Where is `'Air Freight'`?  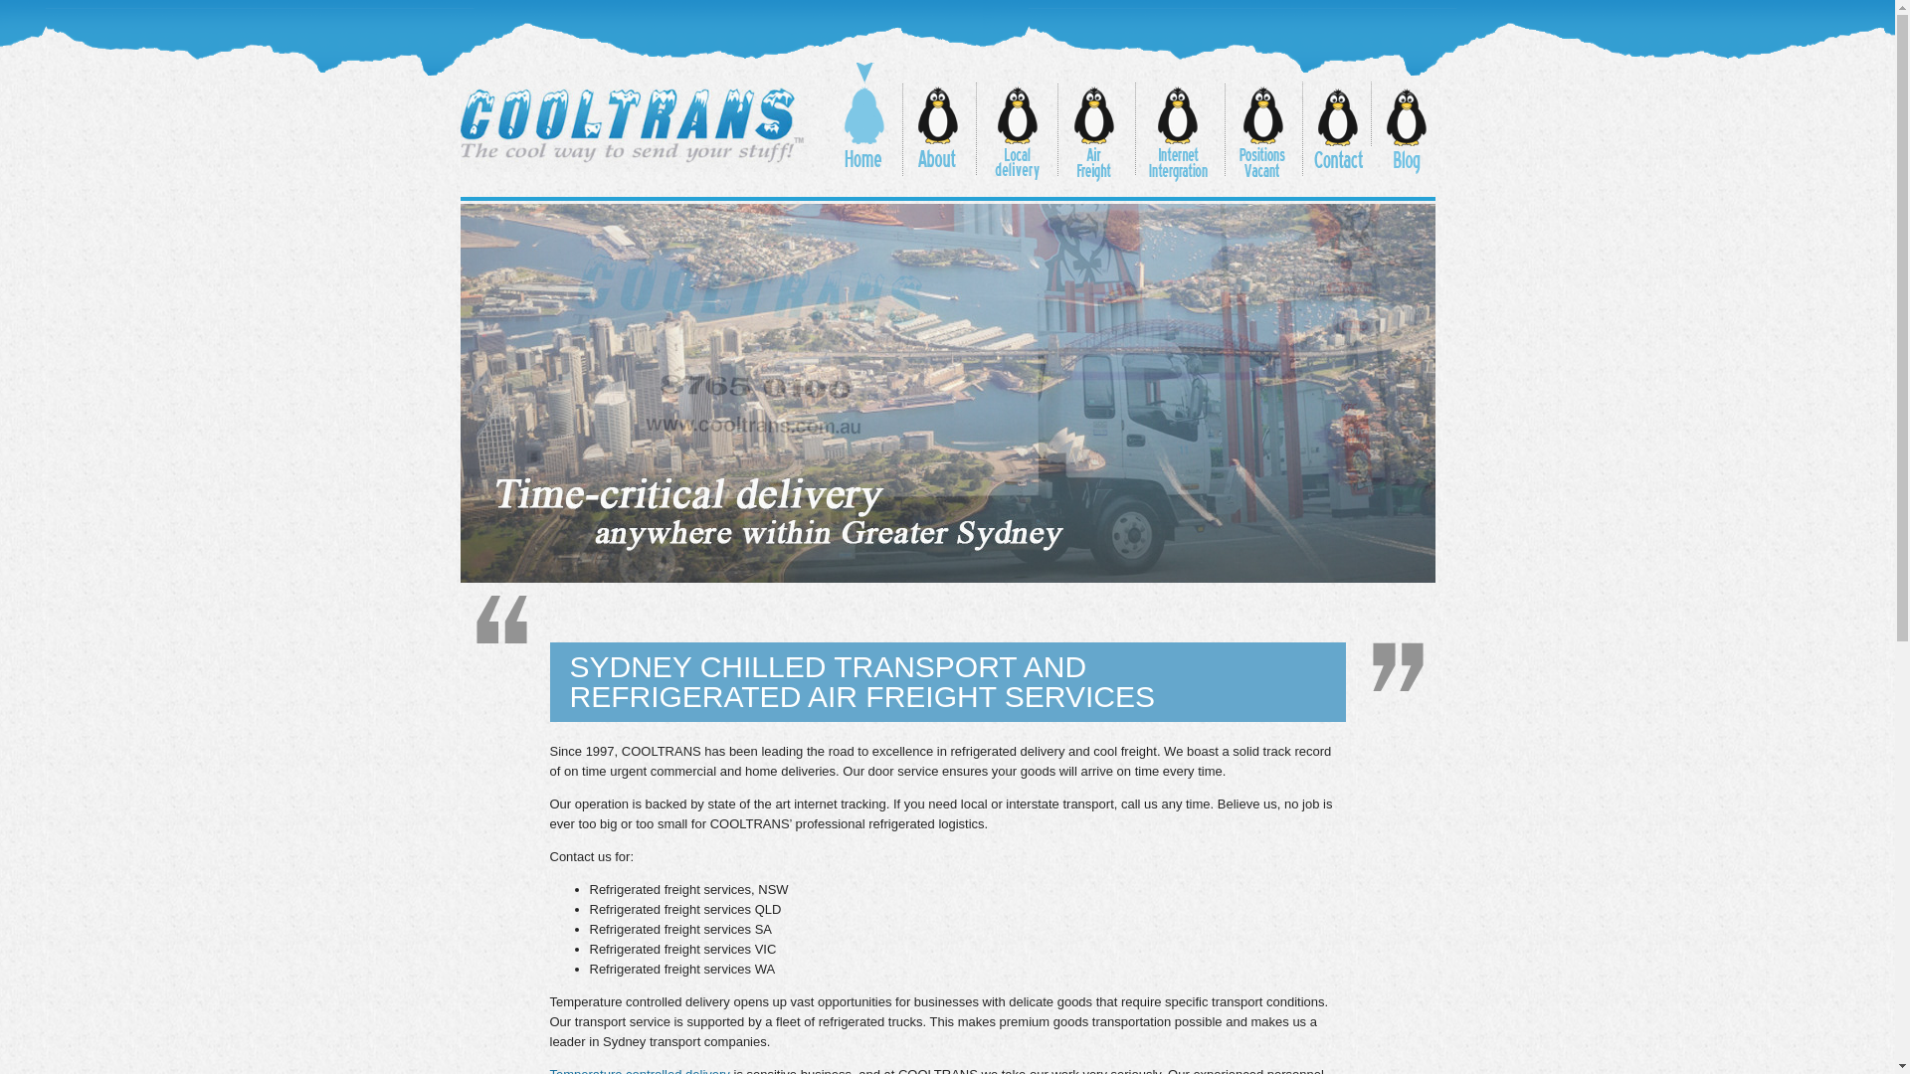
'Air Freight' is located at coordinates (1092, 122).